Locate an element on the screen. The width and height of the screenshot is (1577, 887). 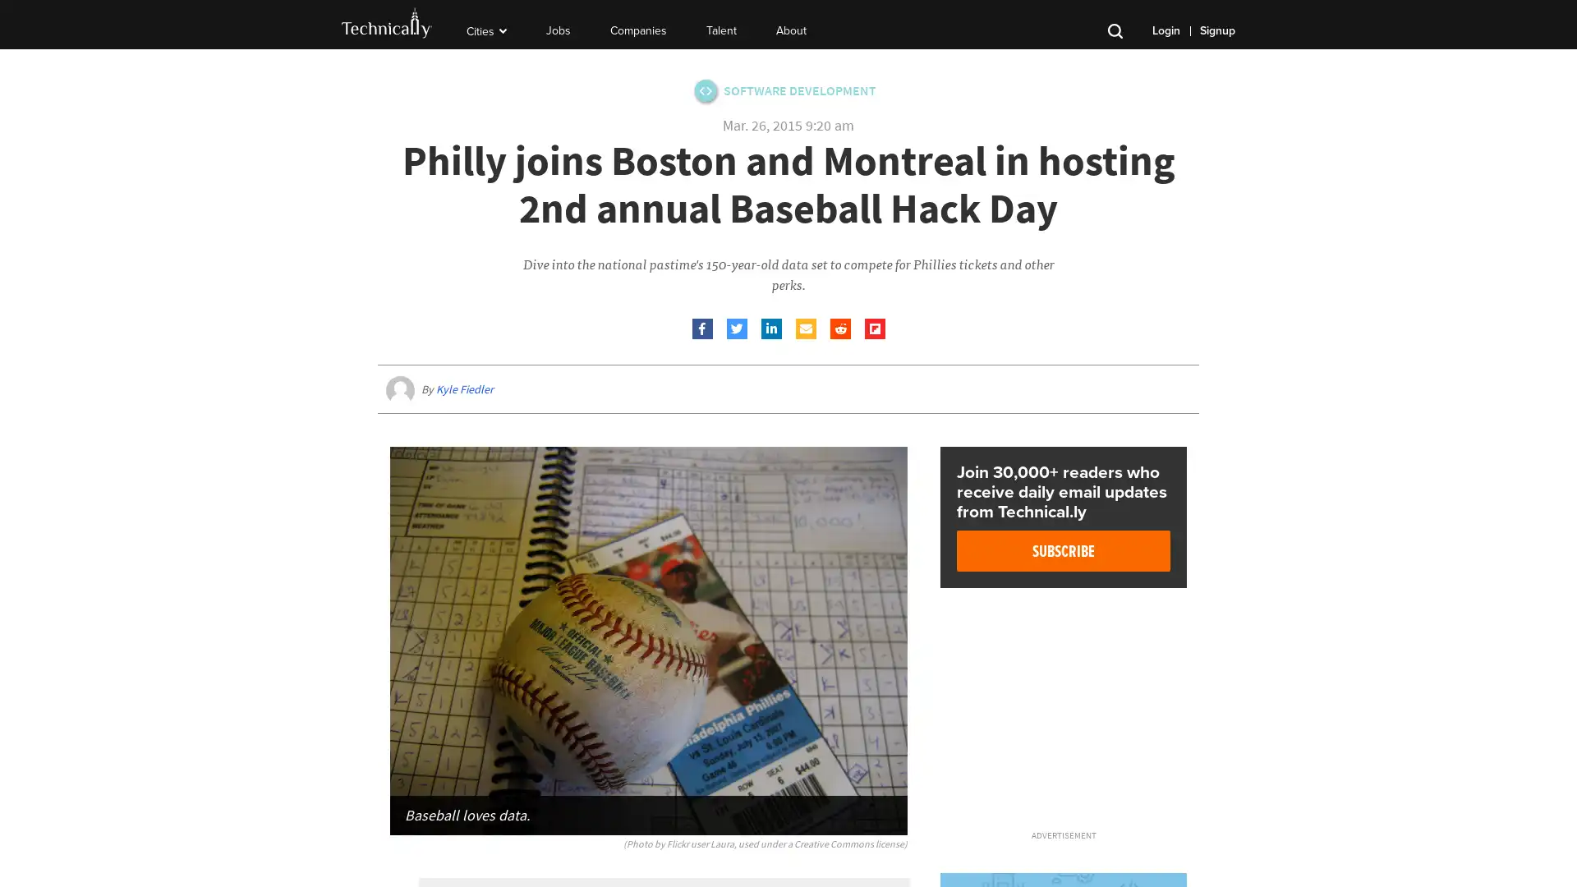
Subscribe is located at coordinates (1064, 551).